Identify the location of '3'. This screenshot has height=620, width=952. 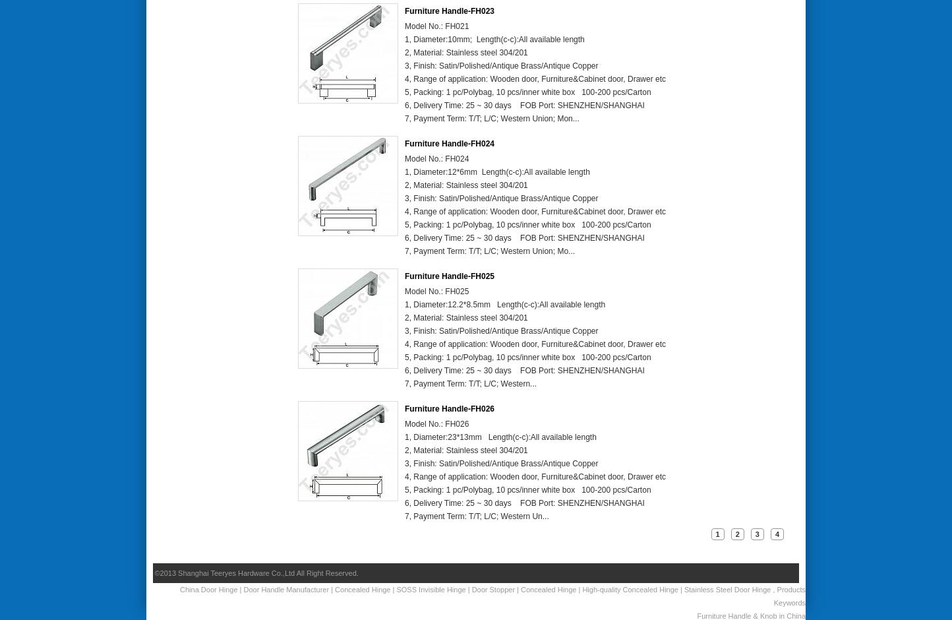
(756, 534).